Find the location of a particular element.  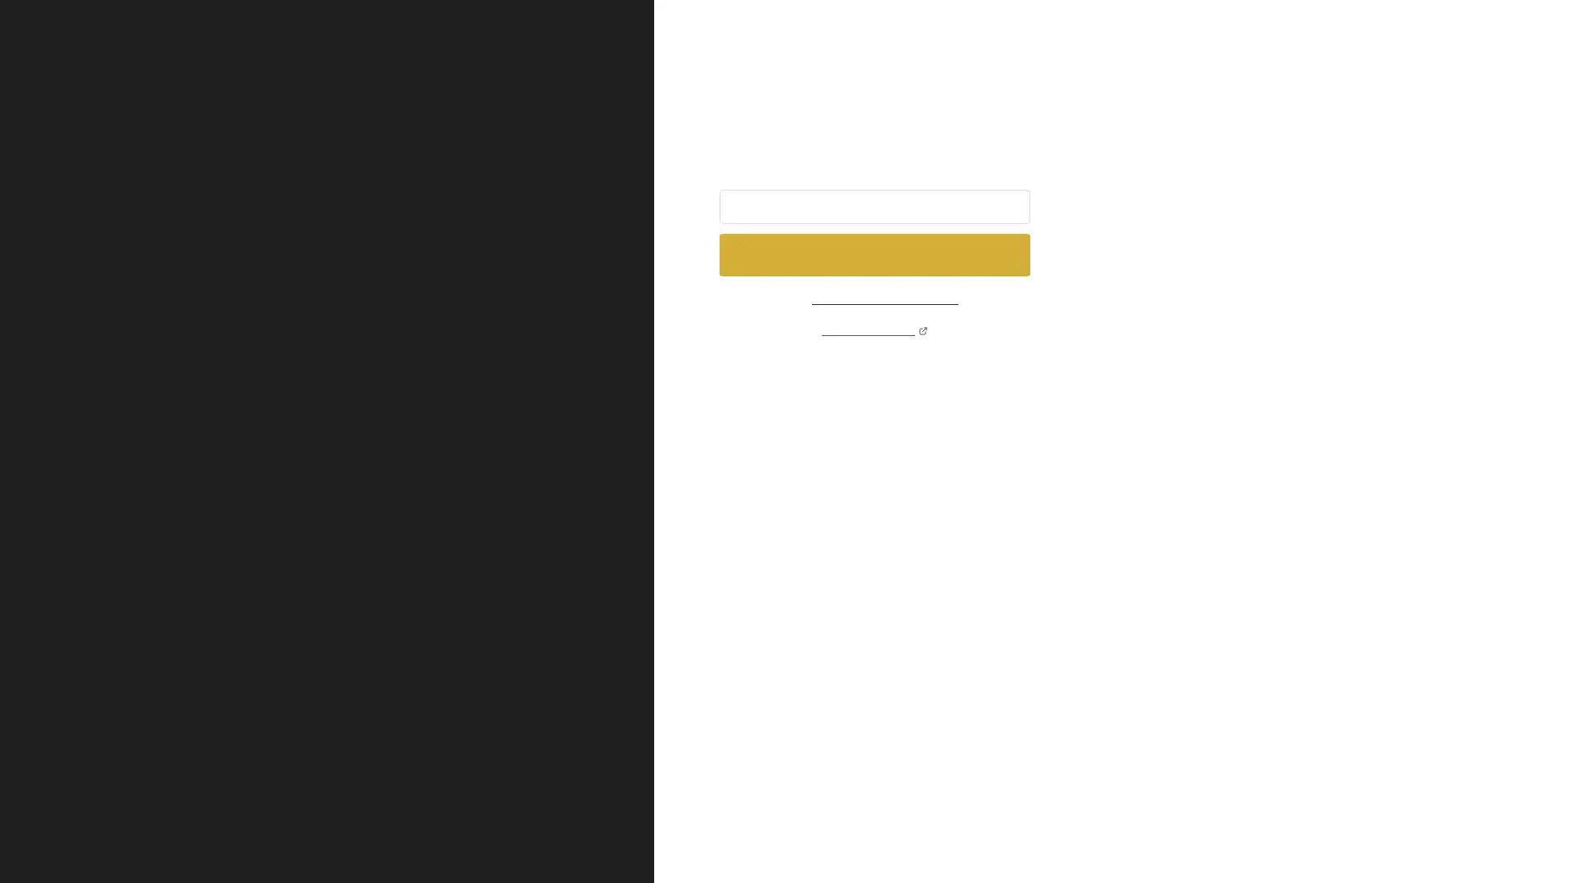

Send sign in link is located at coordinates (874, 255).